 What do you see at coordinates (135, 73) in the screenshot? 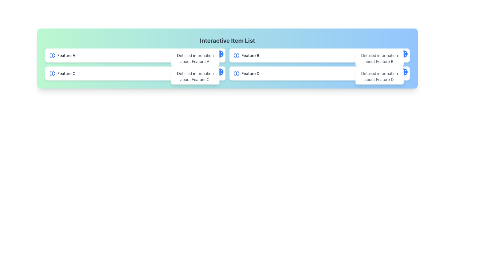
I see `the Card or List Item displaying information about 'Feature C' located in the second row of a two-row grid` at bounding box center [135, 73].